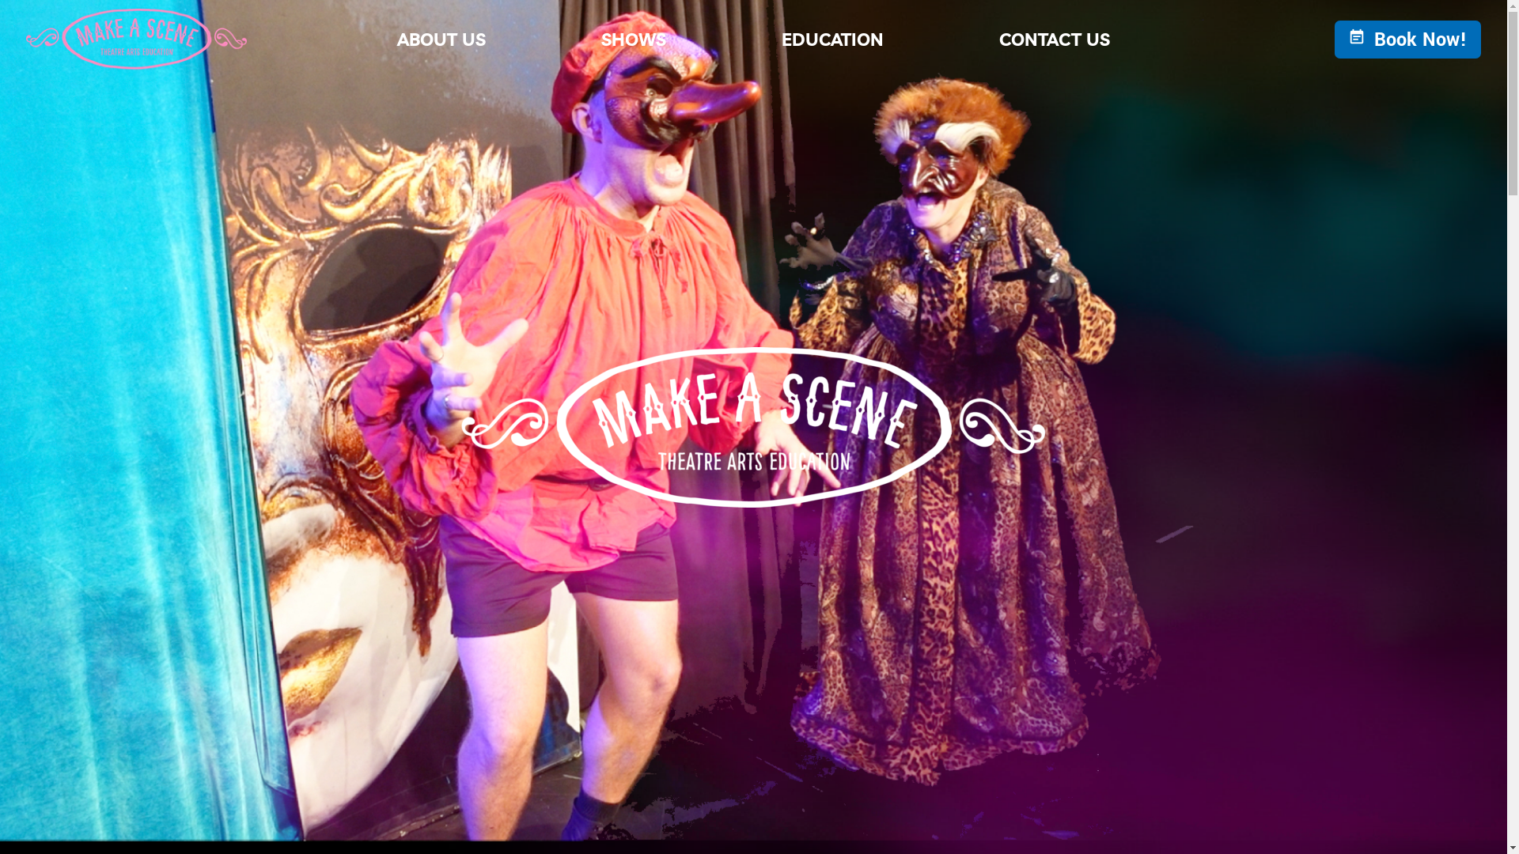 The width and height of the screenshot is (1519, 854). Describe the element at coordinates (572, 39) in the screenshot. I see `'SHOWS'` at that location.